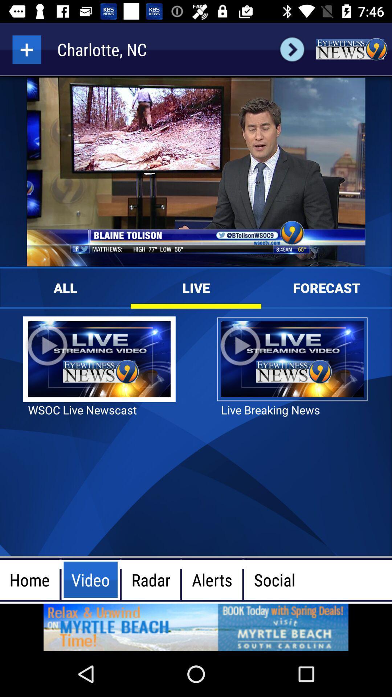  I want to click on the arrow_forward icon, so click(292, 49).